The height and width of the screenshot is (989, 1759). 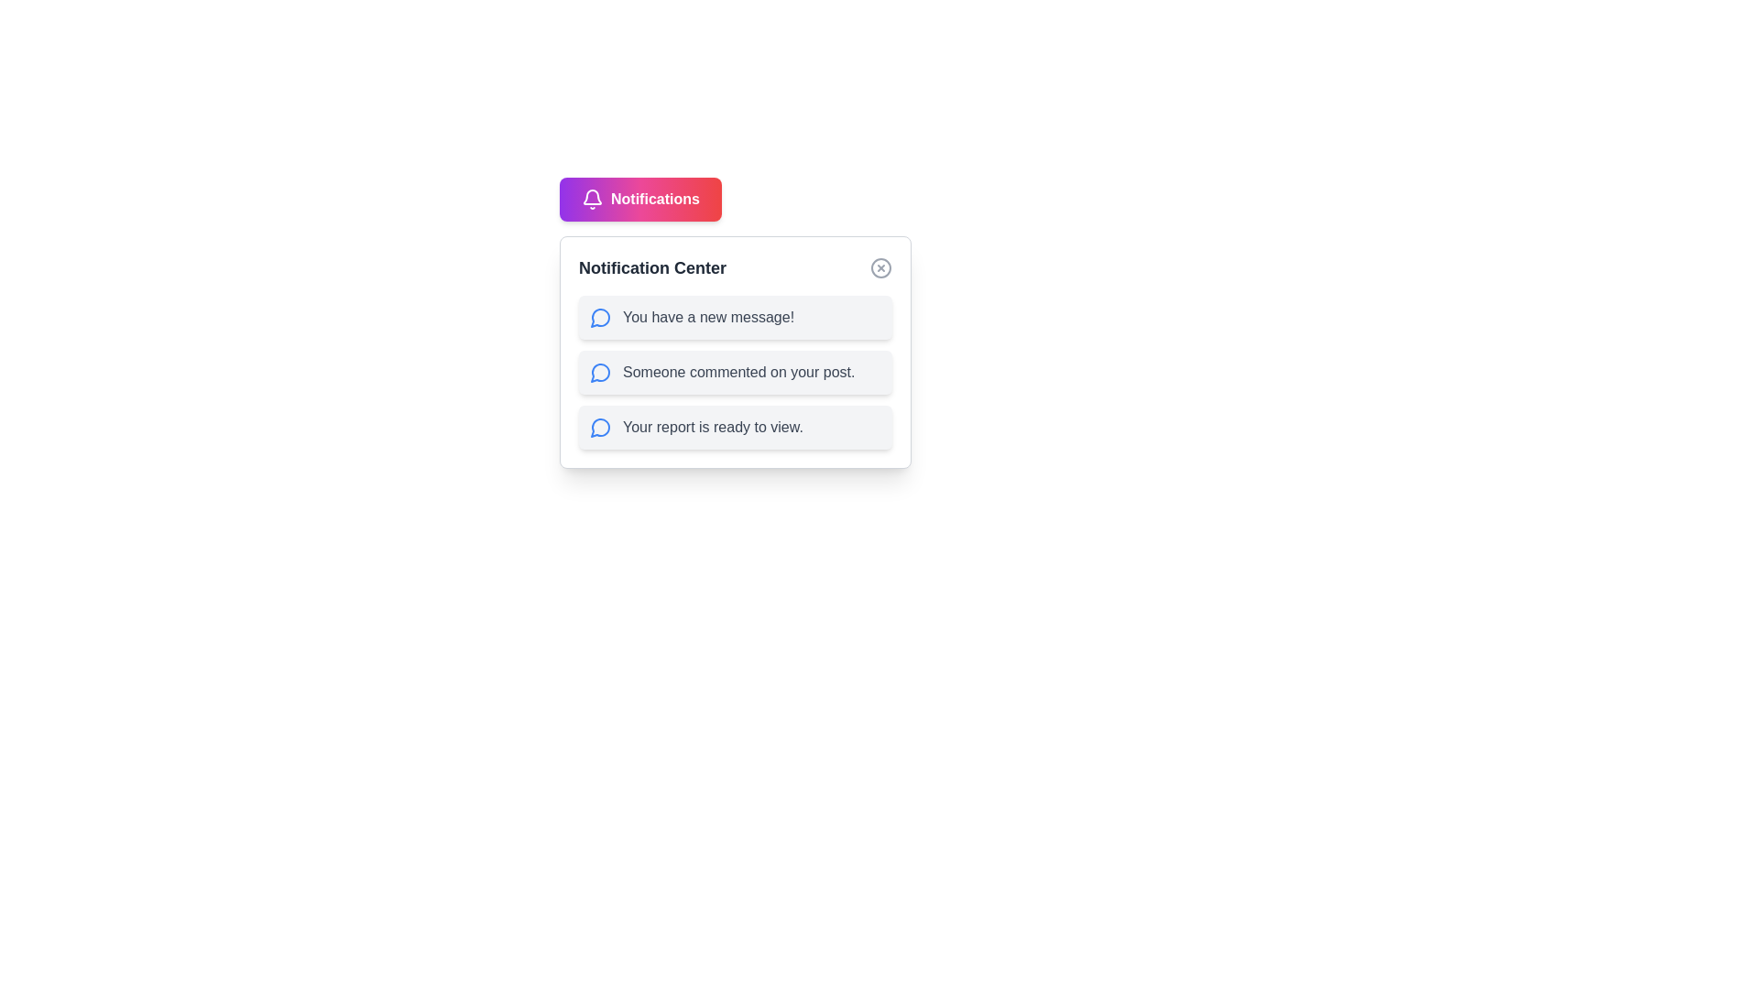 I want to click on the text display showing 'Your report is ready to view.' in the notification center card by clicking on it to access related elements, so click(x=711, y=427).